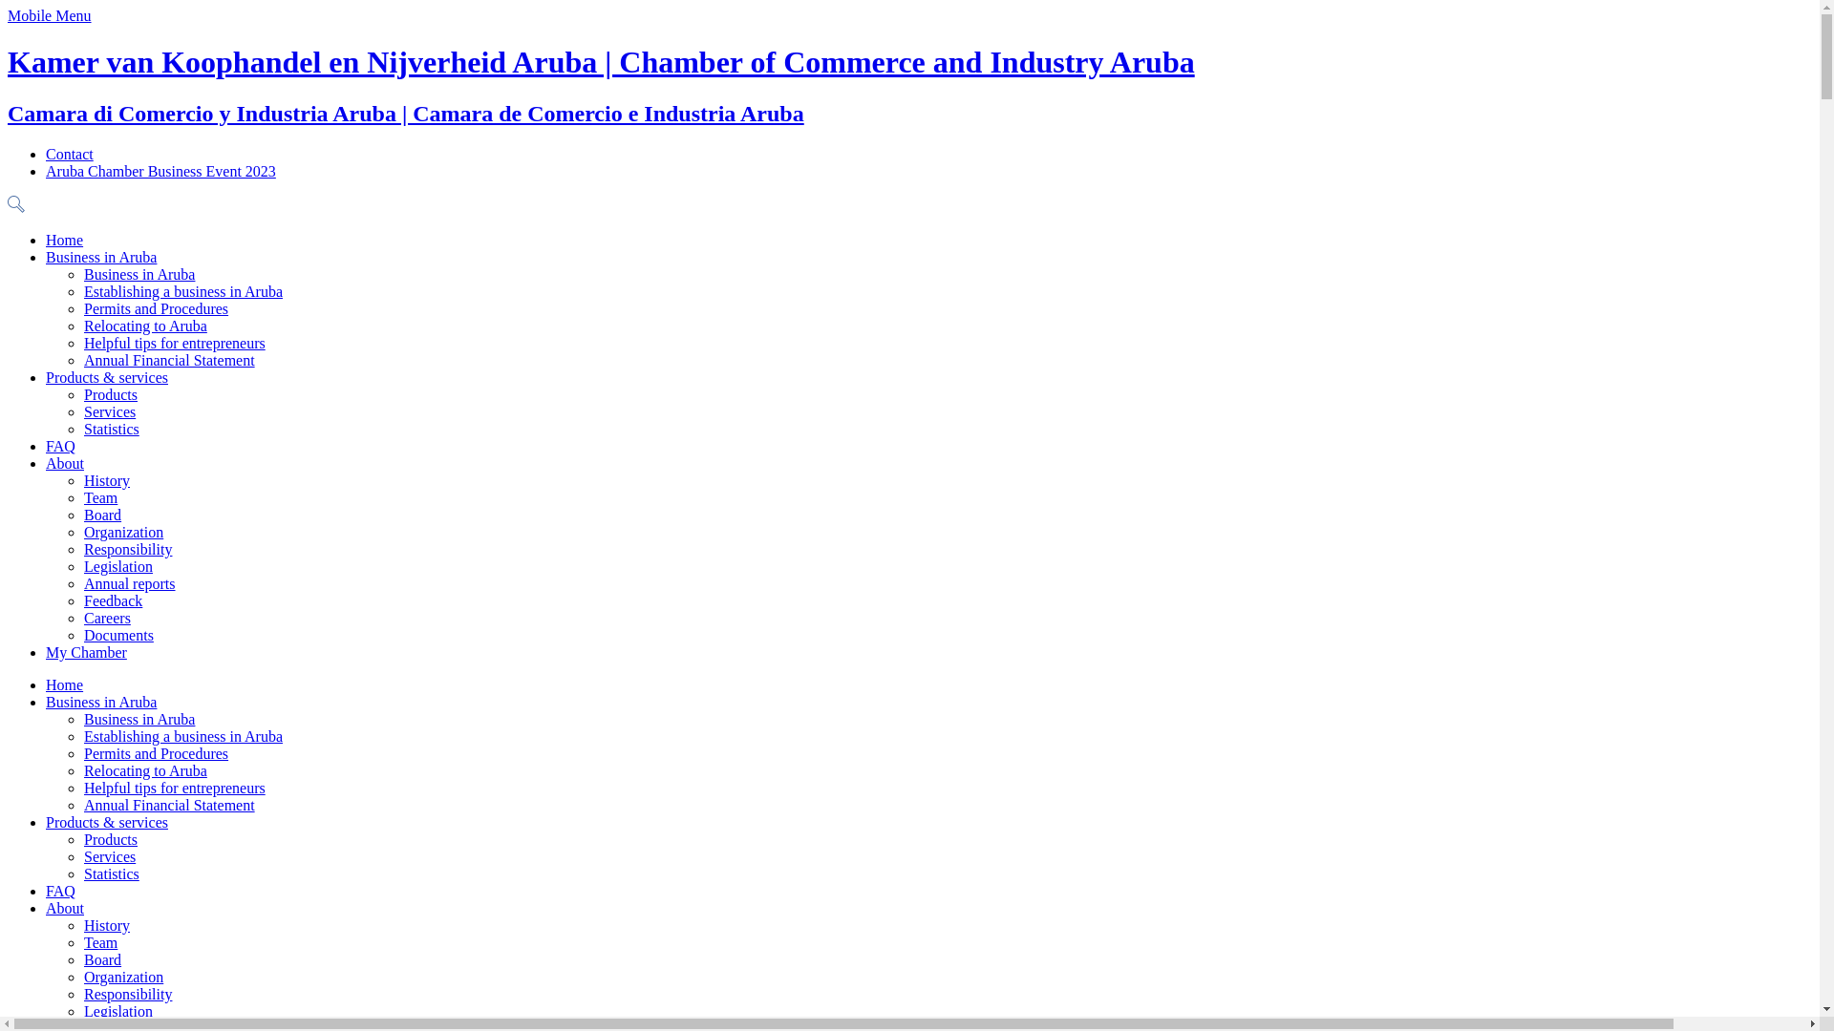 The image size is (1834, 1031). I want to click on 'Aruba Chamber Business Event 2023', so click(160, 170).